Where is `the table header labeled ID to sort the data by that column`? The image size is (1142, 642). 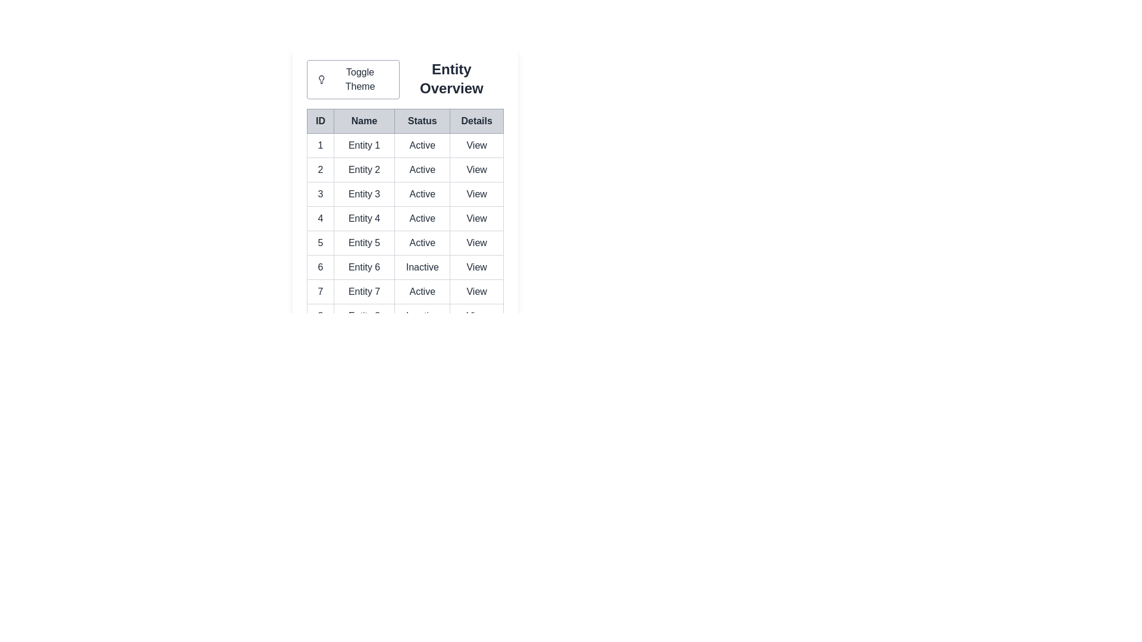 the table header labeled ID to sort the data by that column is located at coordinates (320, 121).